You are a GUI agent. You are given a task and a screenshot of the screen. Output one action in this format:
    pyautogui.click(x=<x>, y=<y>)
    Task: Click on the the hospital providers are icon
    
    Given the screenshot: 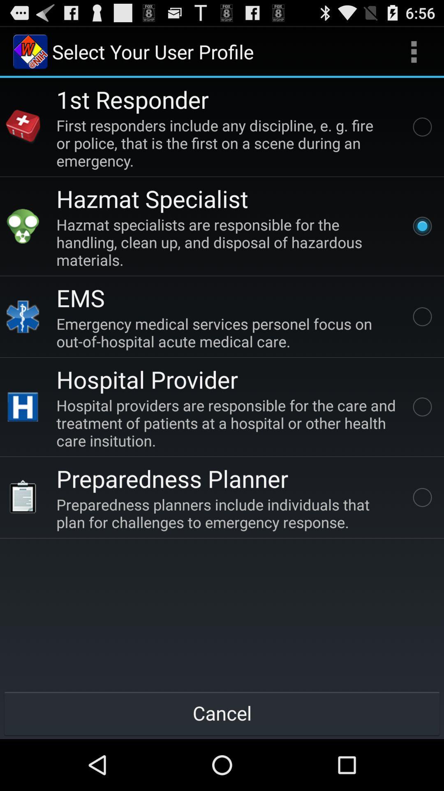 What is the action you would take?
    pyautogui.click(x=228, y=423)
    